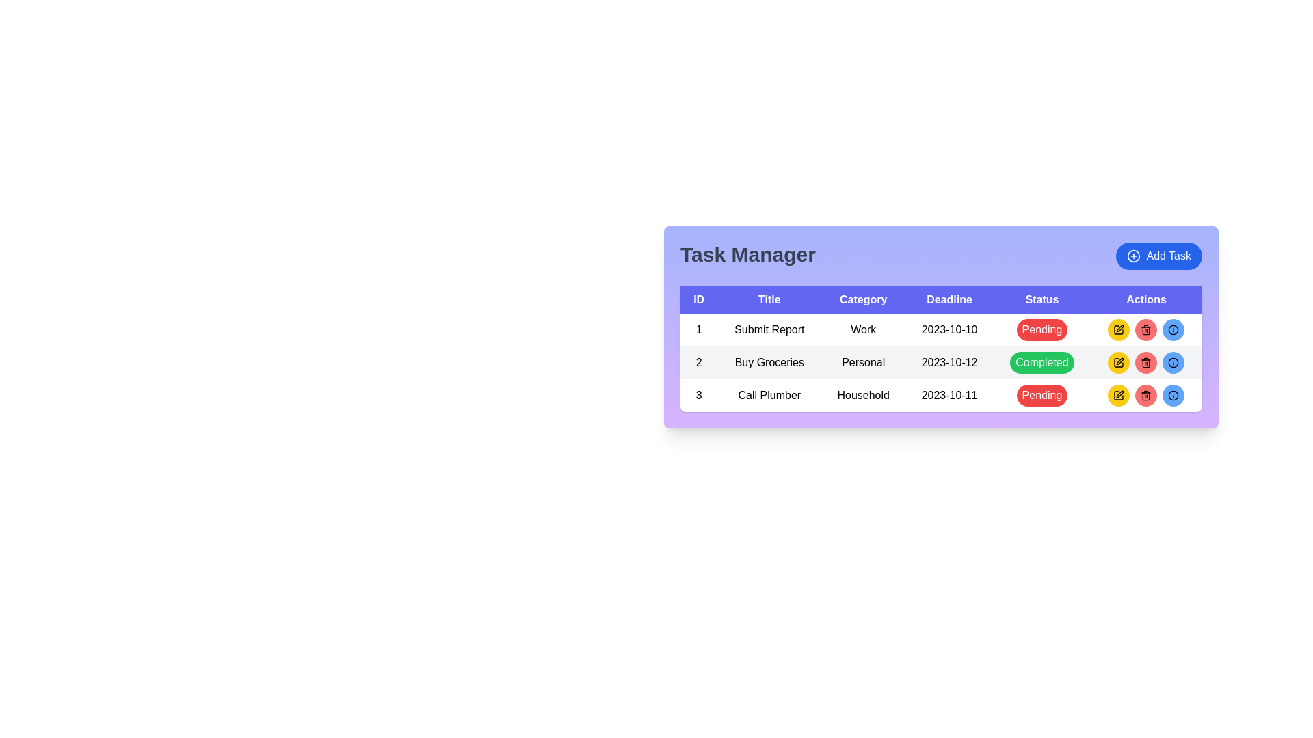 The width and height of the screenshot is (1313, 738). Describe the element at coordinates (699, 299) in the screenshot. I see `text of the Table Header Cell located at the leftmost position in the header row of the task management interface, which identifies the items listed in the table rows below` at that location.